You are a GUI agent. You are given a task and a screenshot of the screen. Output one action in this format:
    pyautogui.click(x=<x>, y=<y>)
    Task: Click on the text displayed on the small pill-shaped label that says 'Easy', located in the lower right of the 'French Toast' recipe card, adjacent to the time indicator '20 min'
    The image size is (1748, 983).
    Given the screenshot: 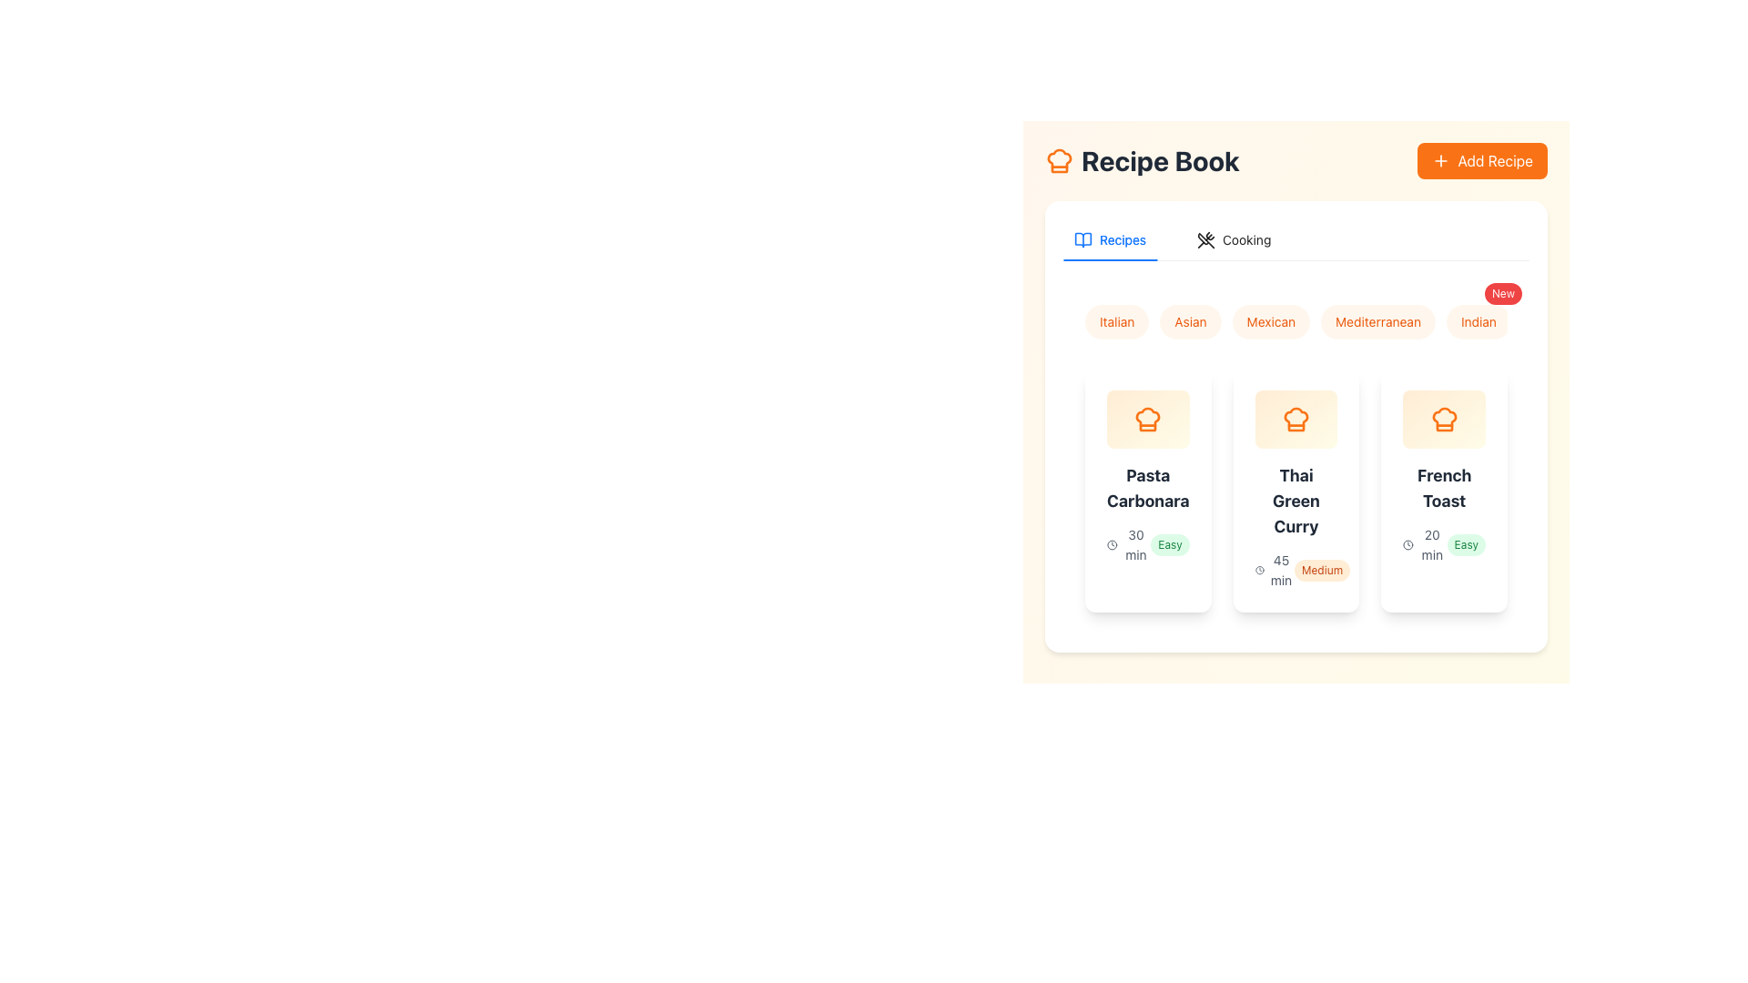 What is the action you would take?
    pyautogui.click(x=1466, y=543)
    